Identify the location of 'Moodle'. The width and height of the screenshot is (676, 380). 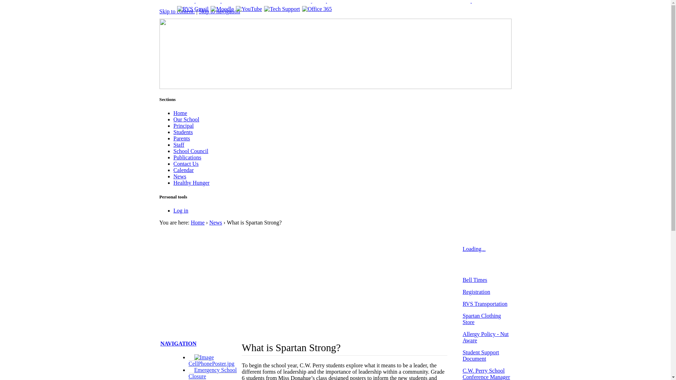
(221, 9).